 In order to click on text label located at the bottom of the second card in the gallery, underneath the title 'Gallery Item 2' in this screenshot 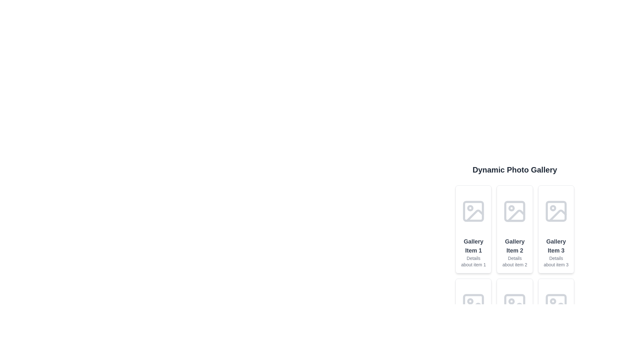, I will do `click(514, 261)`.